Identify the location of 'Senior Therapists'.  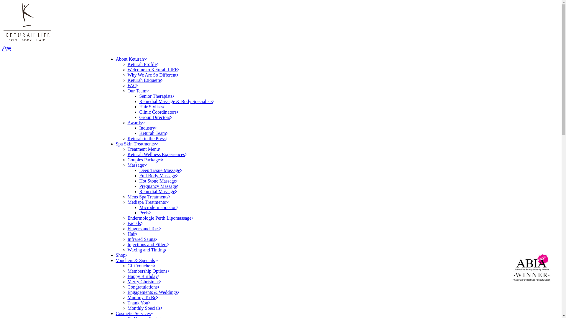
(157, 96).